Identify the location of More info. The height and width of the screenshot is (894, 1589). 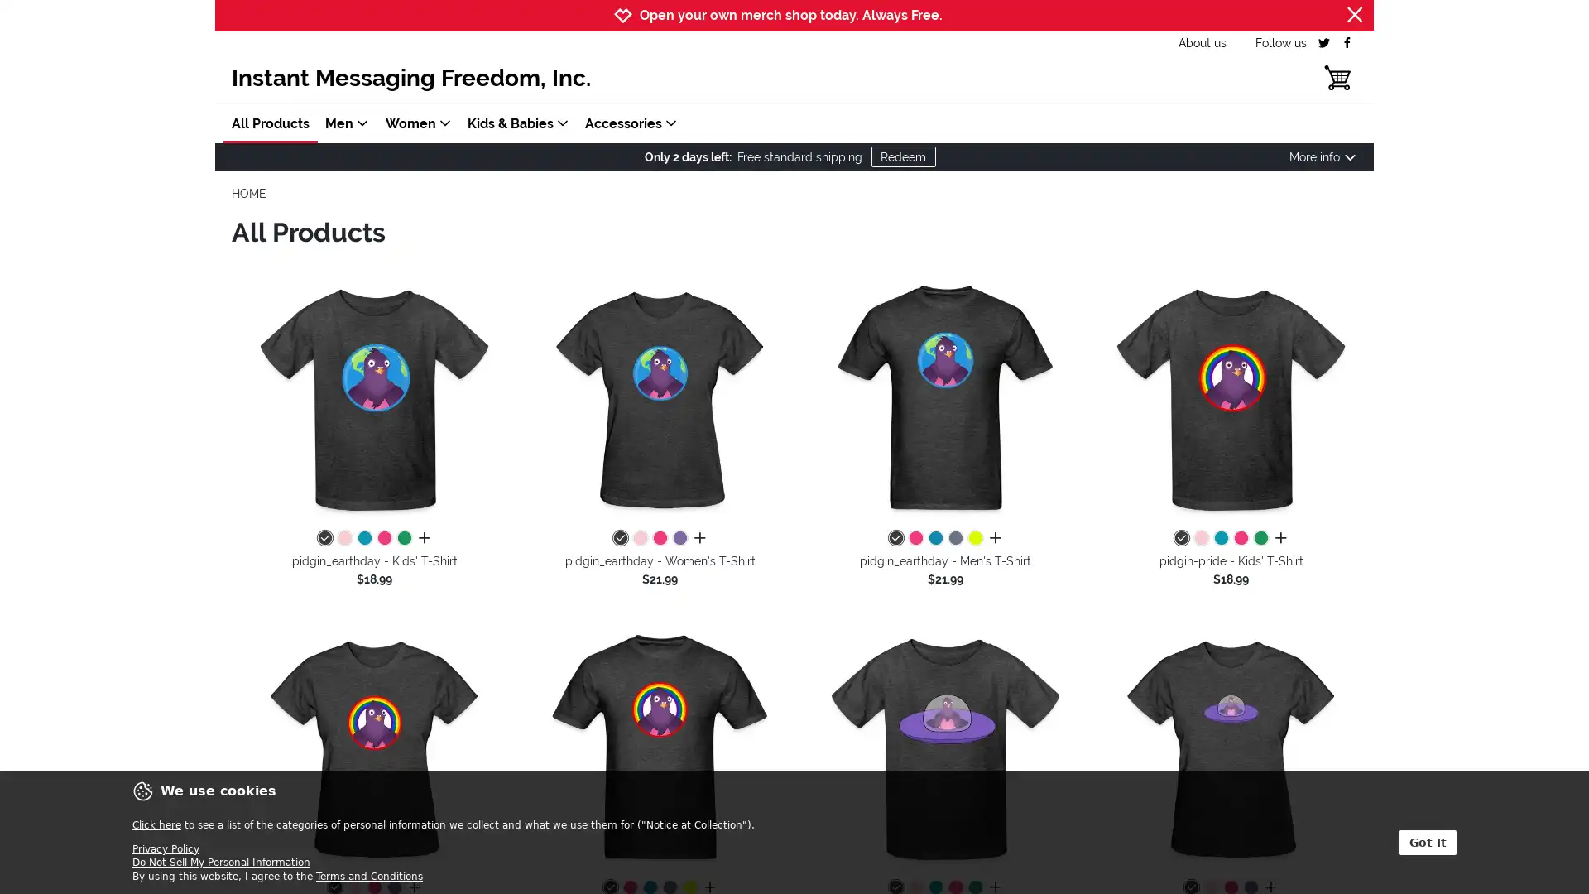
(1322, 156).